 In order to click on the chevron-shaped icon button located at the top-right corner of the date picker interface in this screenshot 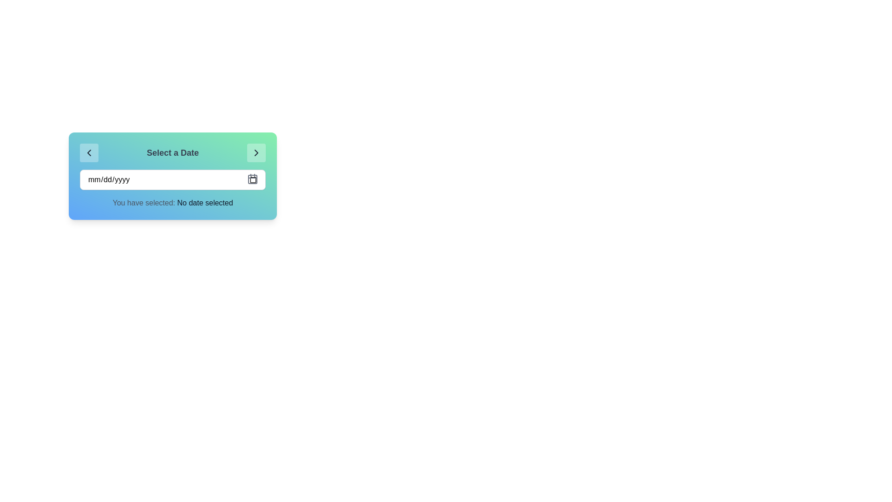, I will do `click(256, 152)`.